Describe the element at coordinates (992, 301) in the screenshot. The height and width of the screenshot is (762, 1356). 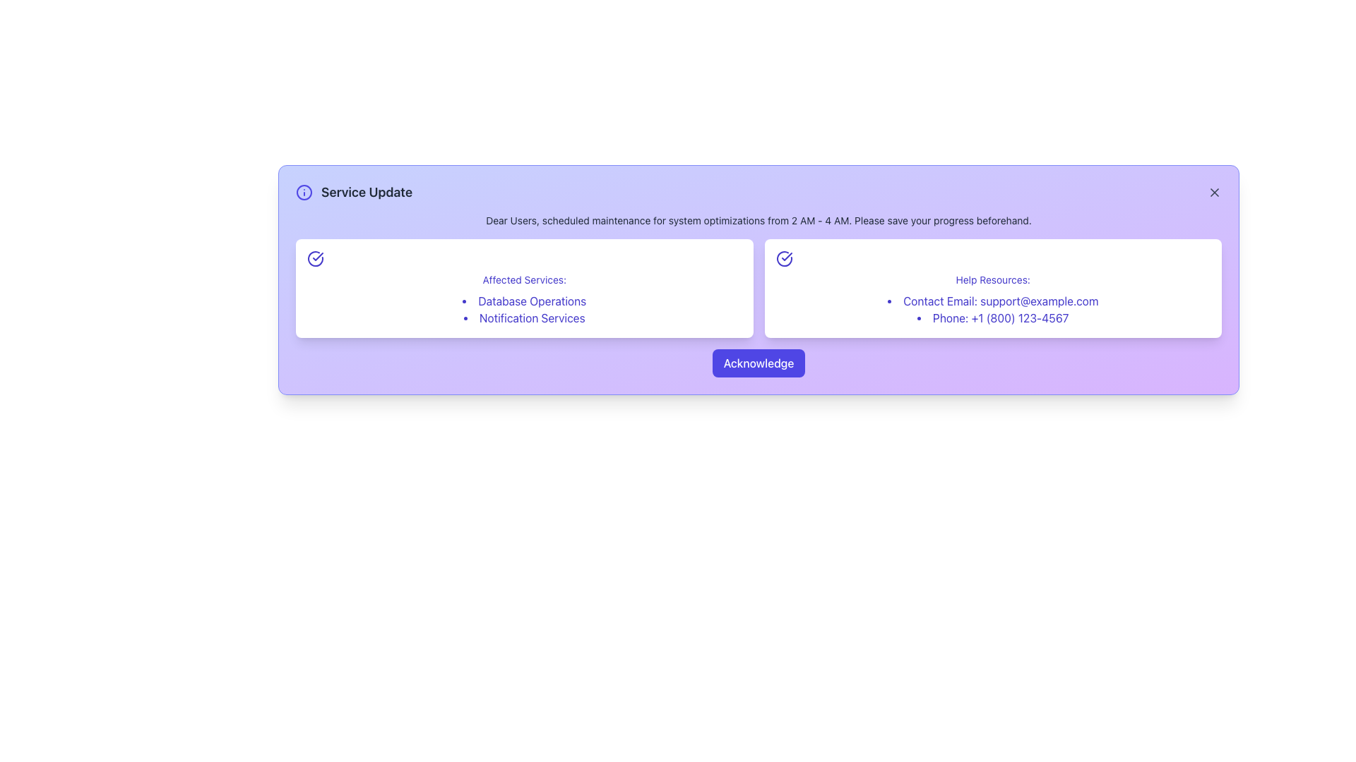
I see `the 'Contact Email: support@example.com' text element, which is styled as a hyperlink in blue` at that location.